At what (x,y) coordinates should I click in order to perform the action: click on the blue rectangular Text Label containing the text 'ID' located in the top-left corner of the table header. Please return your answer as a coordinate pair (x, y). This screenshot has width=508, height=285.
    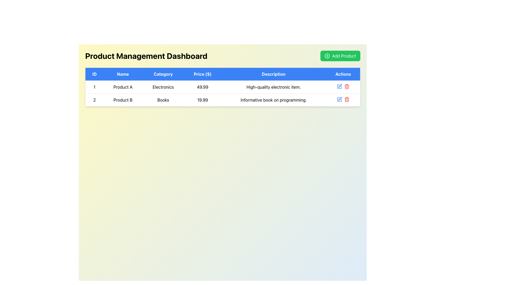
    Looking at the image, I should click on (94, 74).